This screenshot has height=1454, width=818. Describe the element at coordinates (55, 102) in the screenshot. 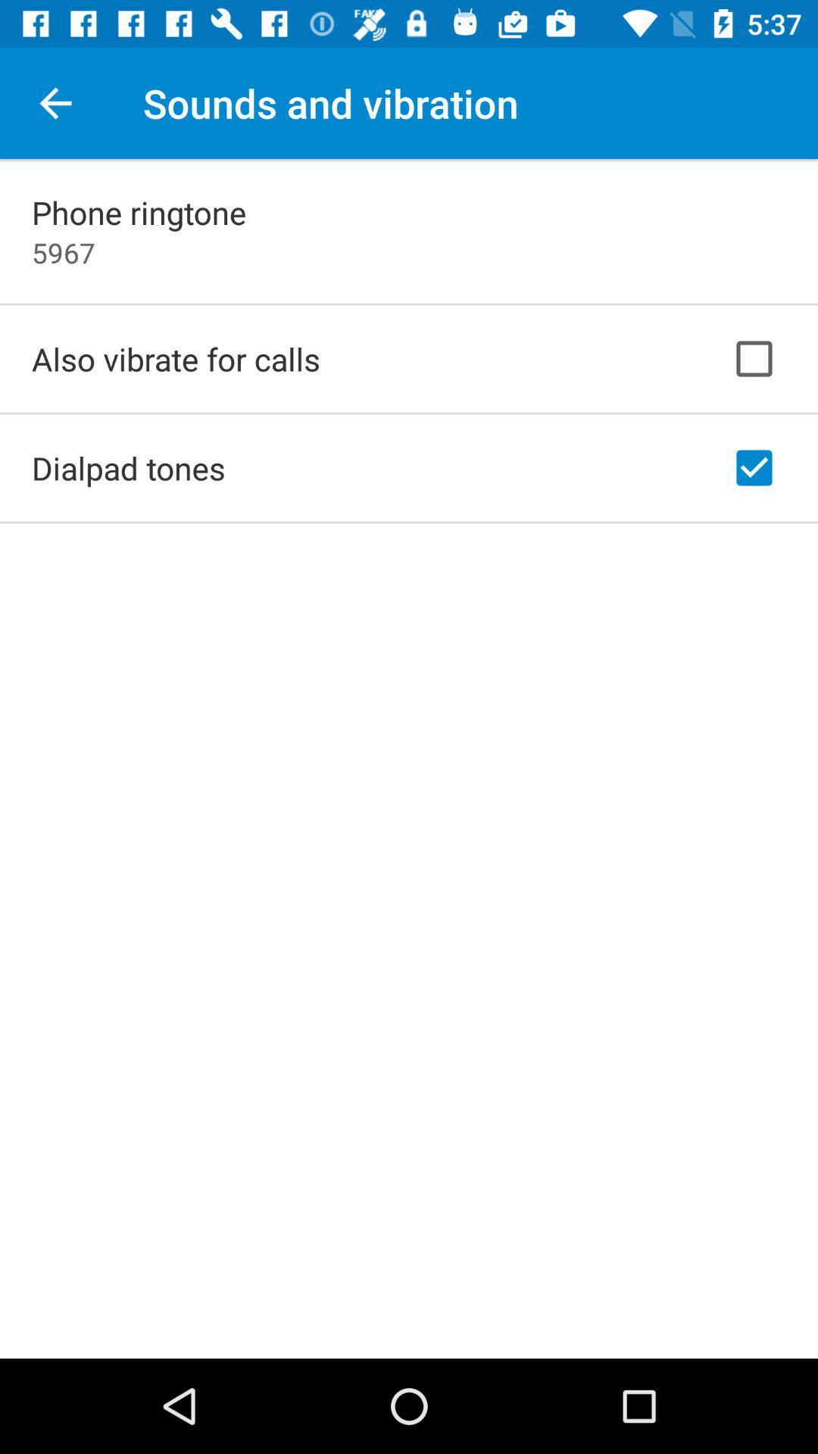

I see `the app above phone ringtone icon` at that location.